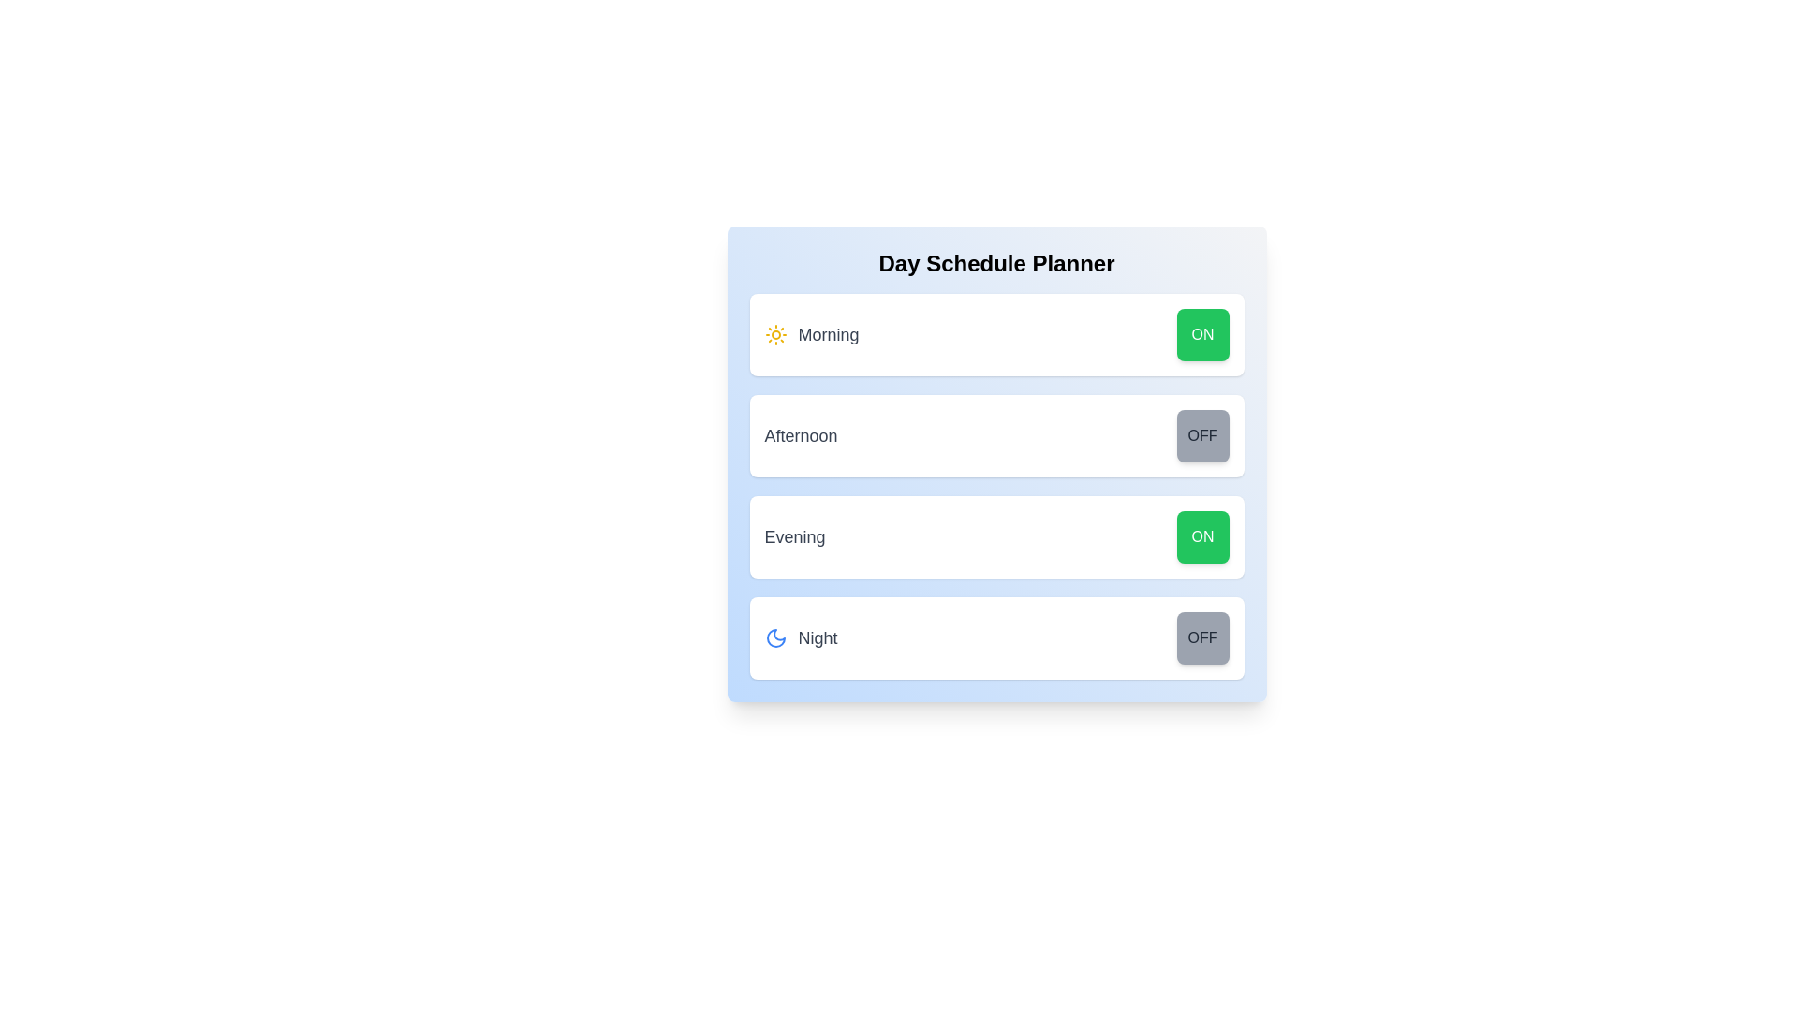 The height and width of the screenshot is (1011, 1798). I want to click on the Evening row to highlight or focus it, so click(995, 537).